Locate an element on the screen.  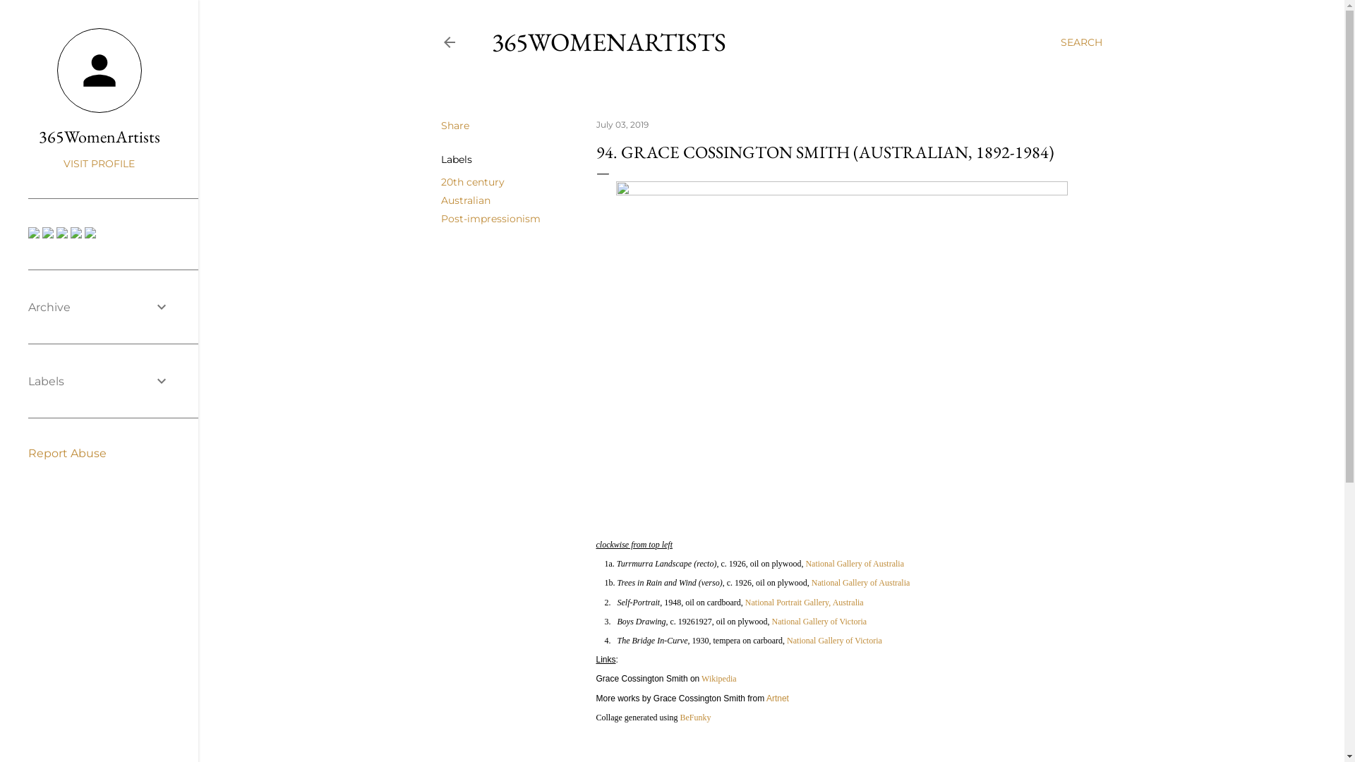
'SEARCH' is located at coordinates (1080, 42).